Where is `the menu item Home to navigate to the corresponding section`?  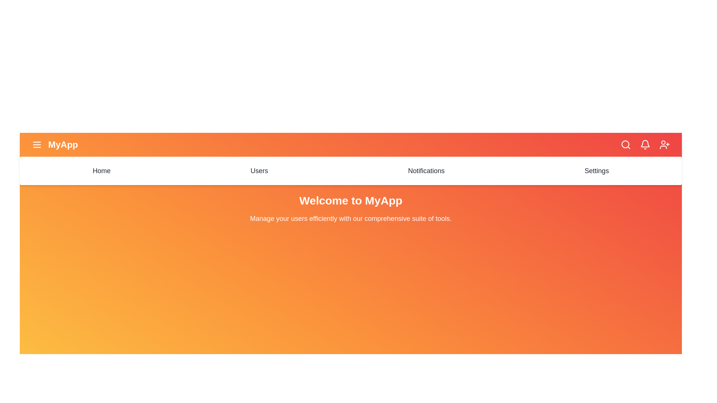
the menu item Home to navigate to the corresponding section is located at coordinates (101, 171).